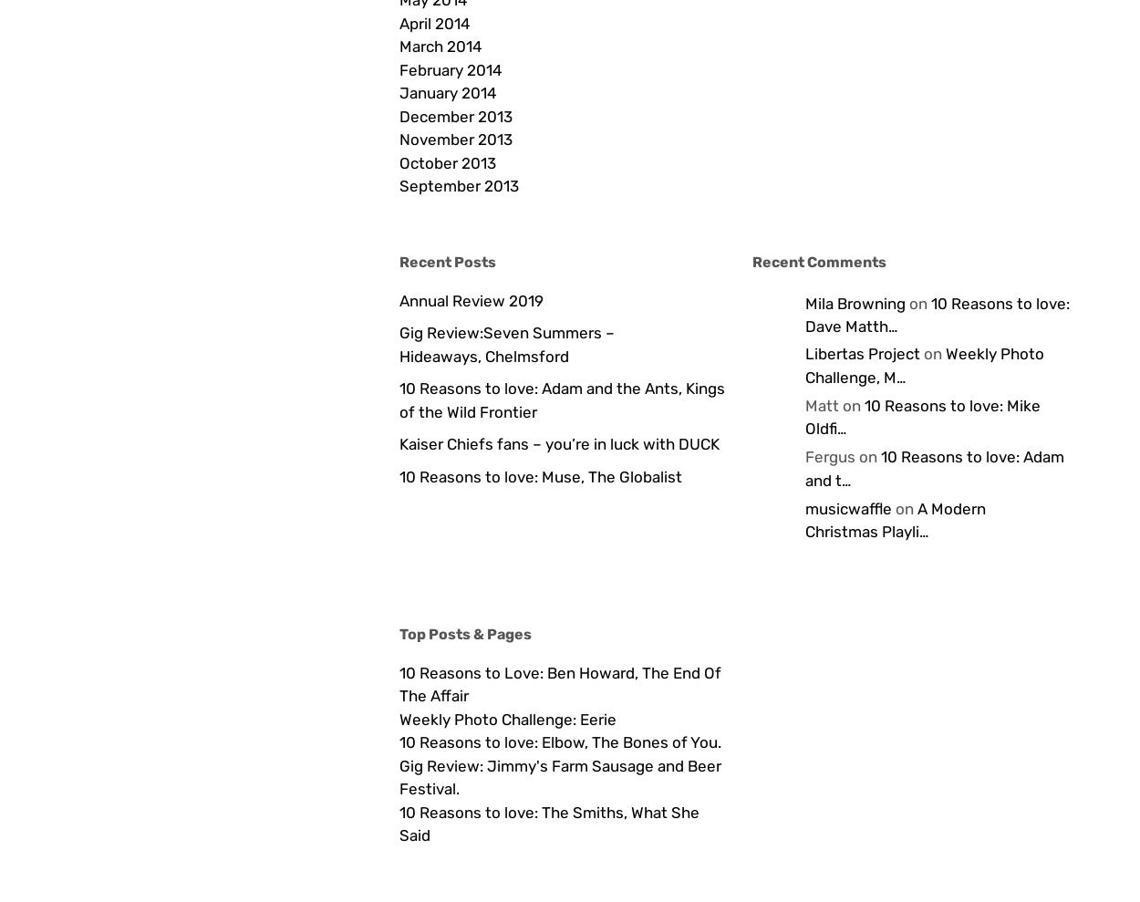 The width and height of the screenshot is (1140, 902). What do you see at coordinates (449, 68) in the screenshot?
I see `'February 2014'` at bounding box center [449, 68].